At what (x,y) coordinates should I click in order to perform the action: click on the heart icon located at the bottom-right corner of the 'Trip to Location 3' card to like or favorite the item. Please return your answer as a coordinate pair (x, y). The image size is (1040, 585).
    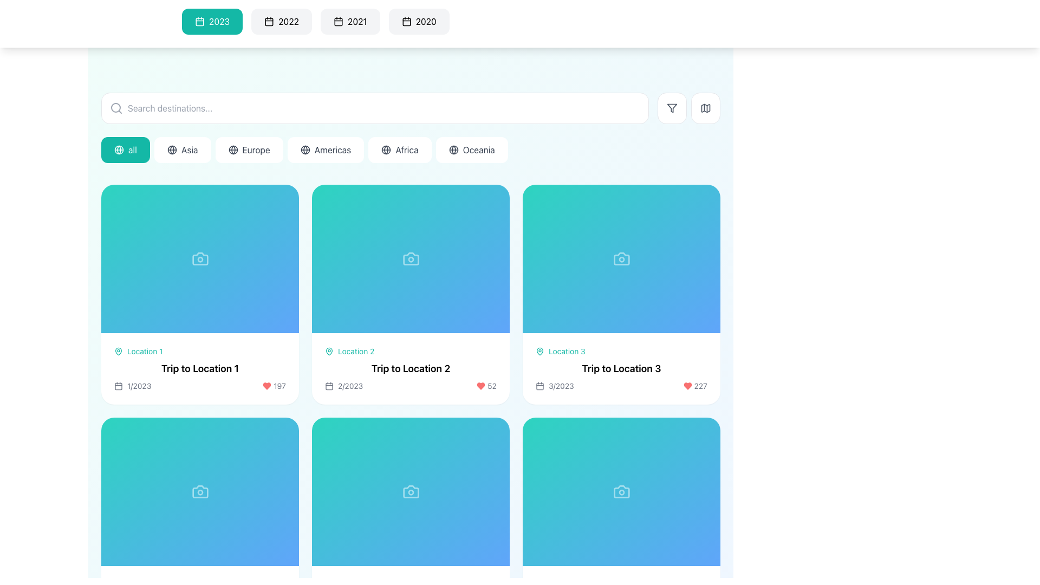
    Looking at the image, I should click on (687, 385).